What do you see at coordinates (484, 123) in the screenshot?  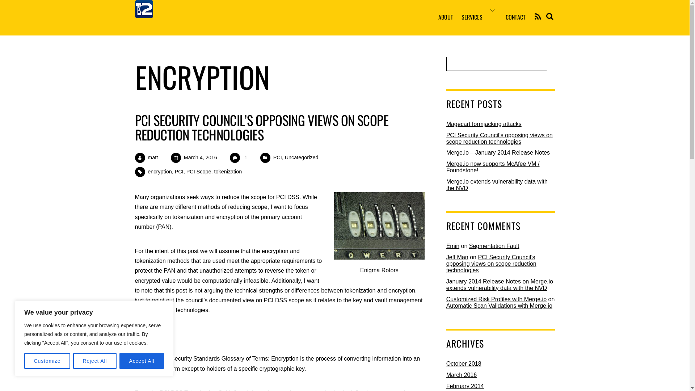 I see `'Magecart formjacking attacks'` at bounding box center [484, 123].